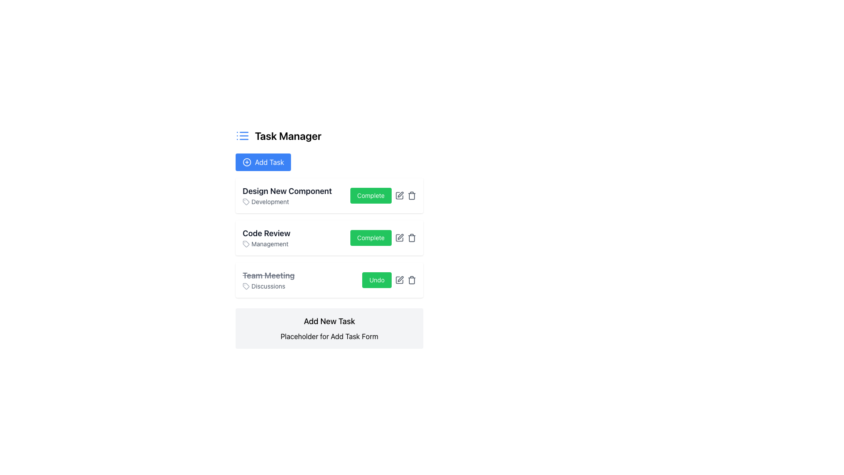 This screenshot has height=475, width=844. What do you see at coordinates (399, 195) in the screenshot?
I see `the action icon located to the right of the green 'Complete' button in the task management interface` at bounding box center [399, 195].